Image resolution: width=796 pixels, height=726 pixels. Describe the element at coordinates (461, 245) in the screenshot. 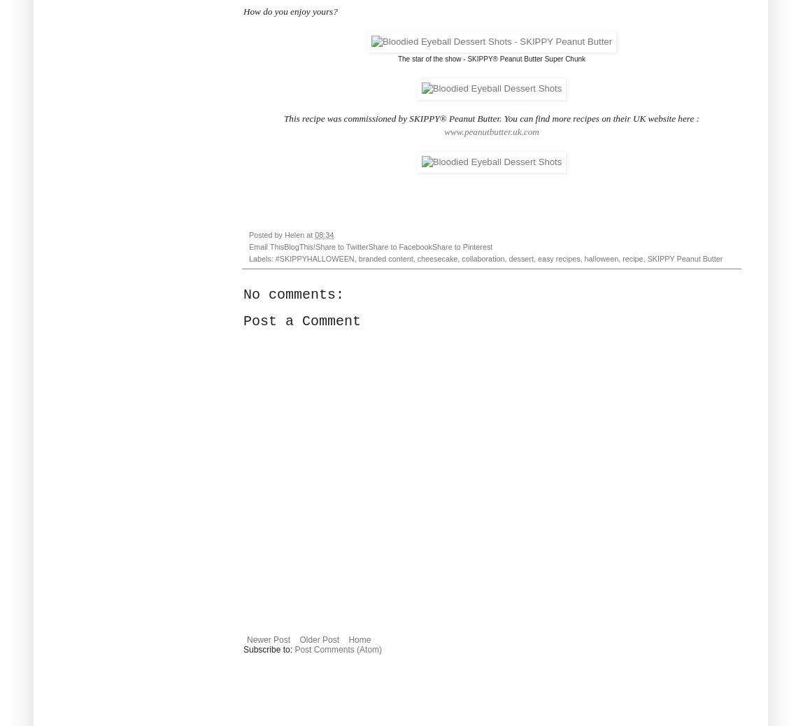

I see `'Share to Pinterest'` at that location.